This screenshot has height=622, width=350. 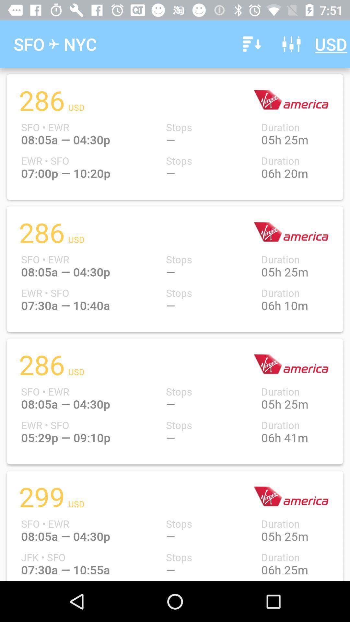 I want to click on item to the left of usd icon, so click(x=291, y=44).